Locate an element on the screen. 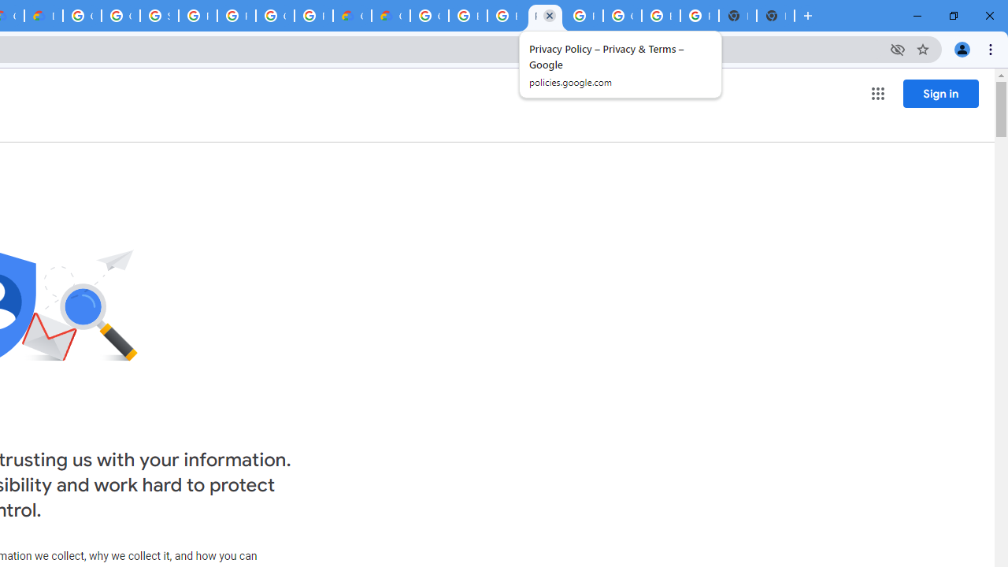 The height and width of the screenshot is (567, 1008). 'Browse Chrome as a guest - Computer - Google Chrome Help' is located at coordinates (506, 16).